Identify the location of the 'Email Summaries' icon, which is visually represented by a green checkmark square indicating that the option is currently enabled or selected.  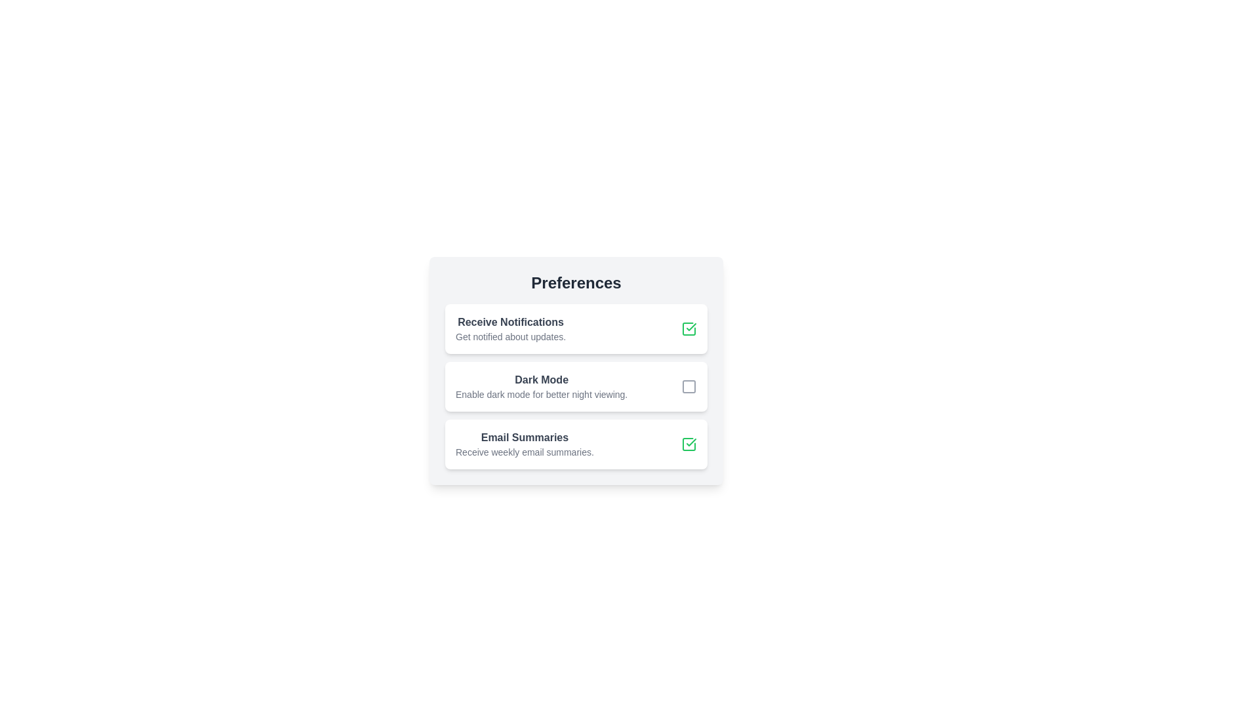
(690, 326).